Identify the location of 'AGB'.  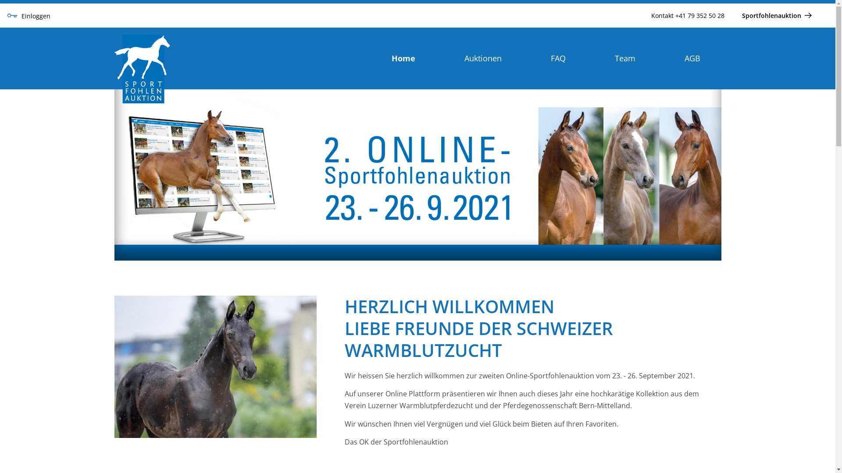
(692, 58).